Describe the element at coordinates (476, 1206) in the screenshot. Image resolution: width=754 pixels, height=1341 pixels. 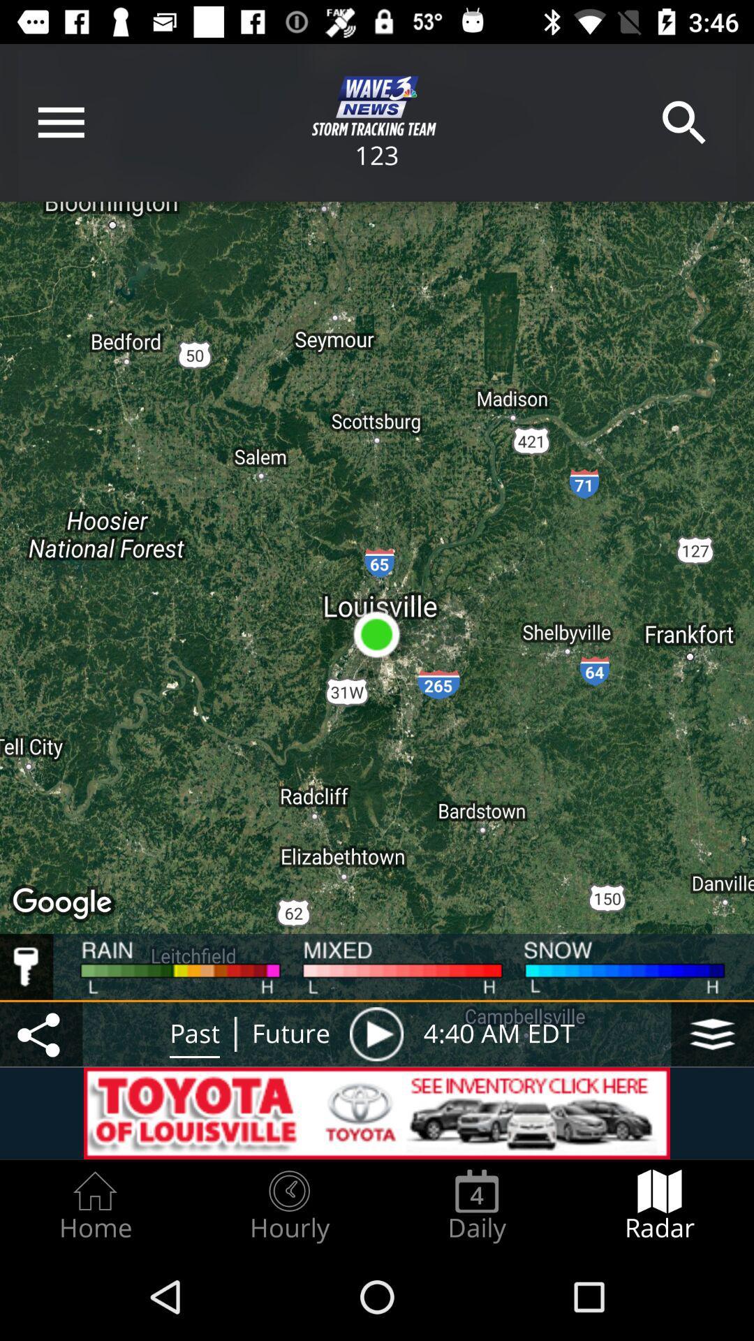
I see `the icon to the left of the radar item` at that location.